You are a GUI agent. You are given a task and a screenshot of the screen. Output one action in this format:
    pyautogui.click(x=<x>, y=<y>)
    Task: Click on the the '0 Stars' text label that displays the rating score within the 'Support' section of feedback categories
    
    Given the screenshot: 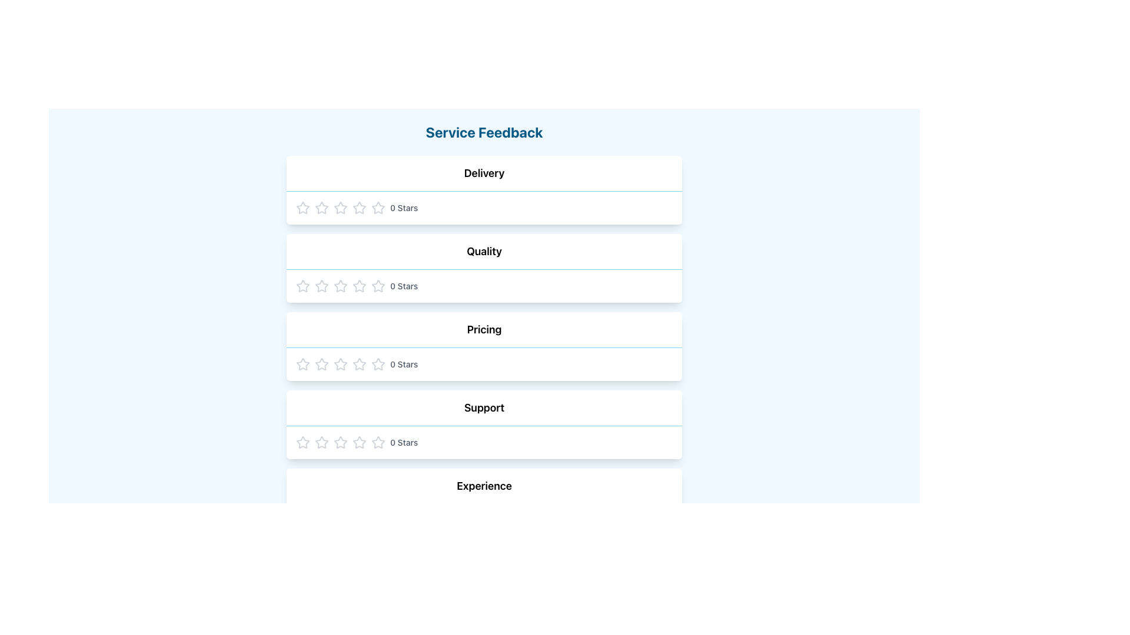 What is the action you would take?
    pyautogui.click(x=404, y=442)
    